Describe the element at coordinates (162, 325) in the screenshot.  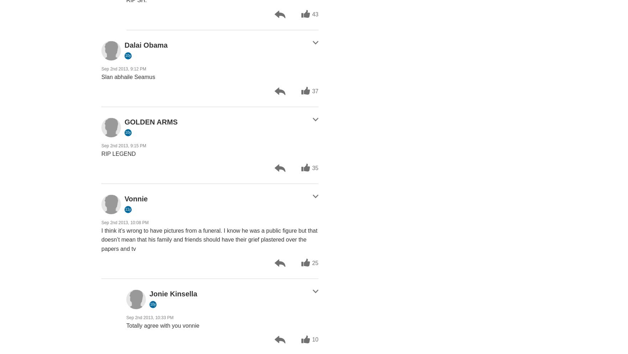
I see `'Totally agree with you vonnie'` at that location.